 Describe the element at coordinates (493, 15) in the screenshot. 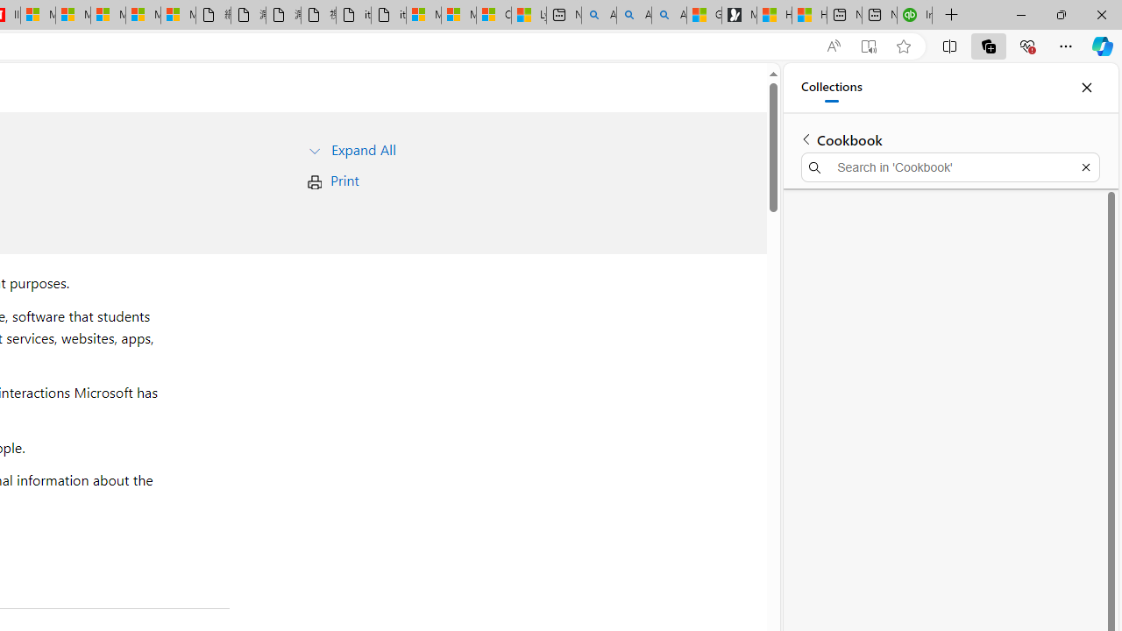

I see `'Consumer Health Data Privacy Policy'` at that location.